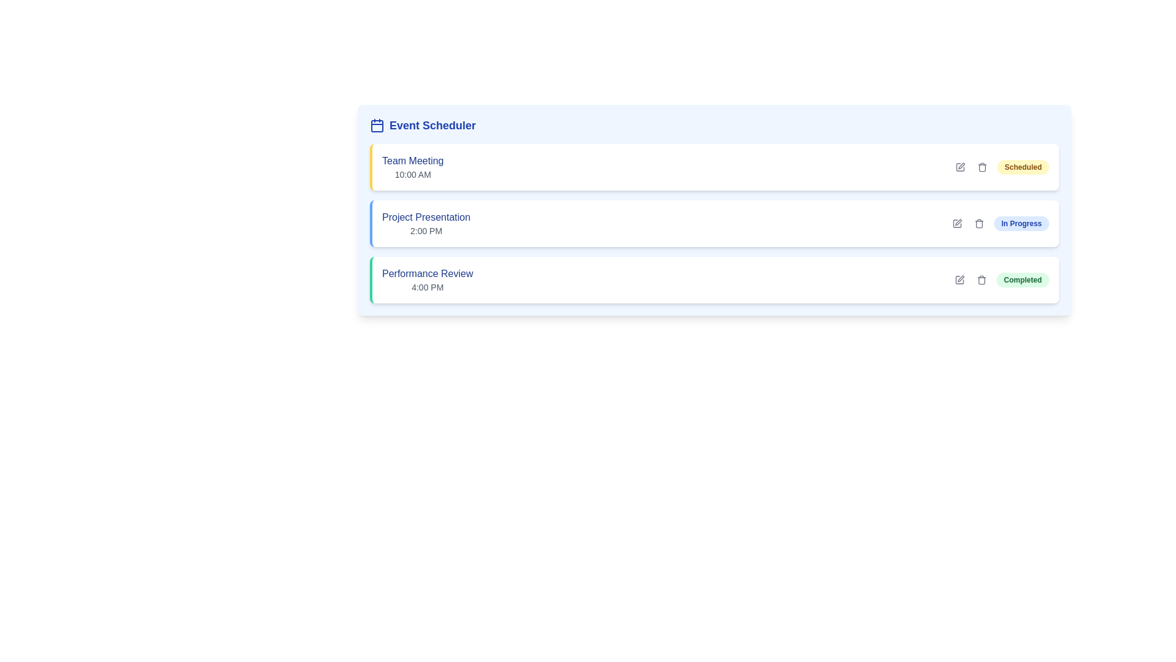 The image size is (1176, 662). I want to click on the second button in the horizontal group of interactive elements on the right side of the 'Team Meeting' row to change its background color, so click(982, 167).